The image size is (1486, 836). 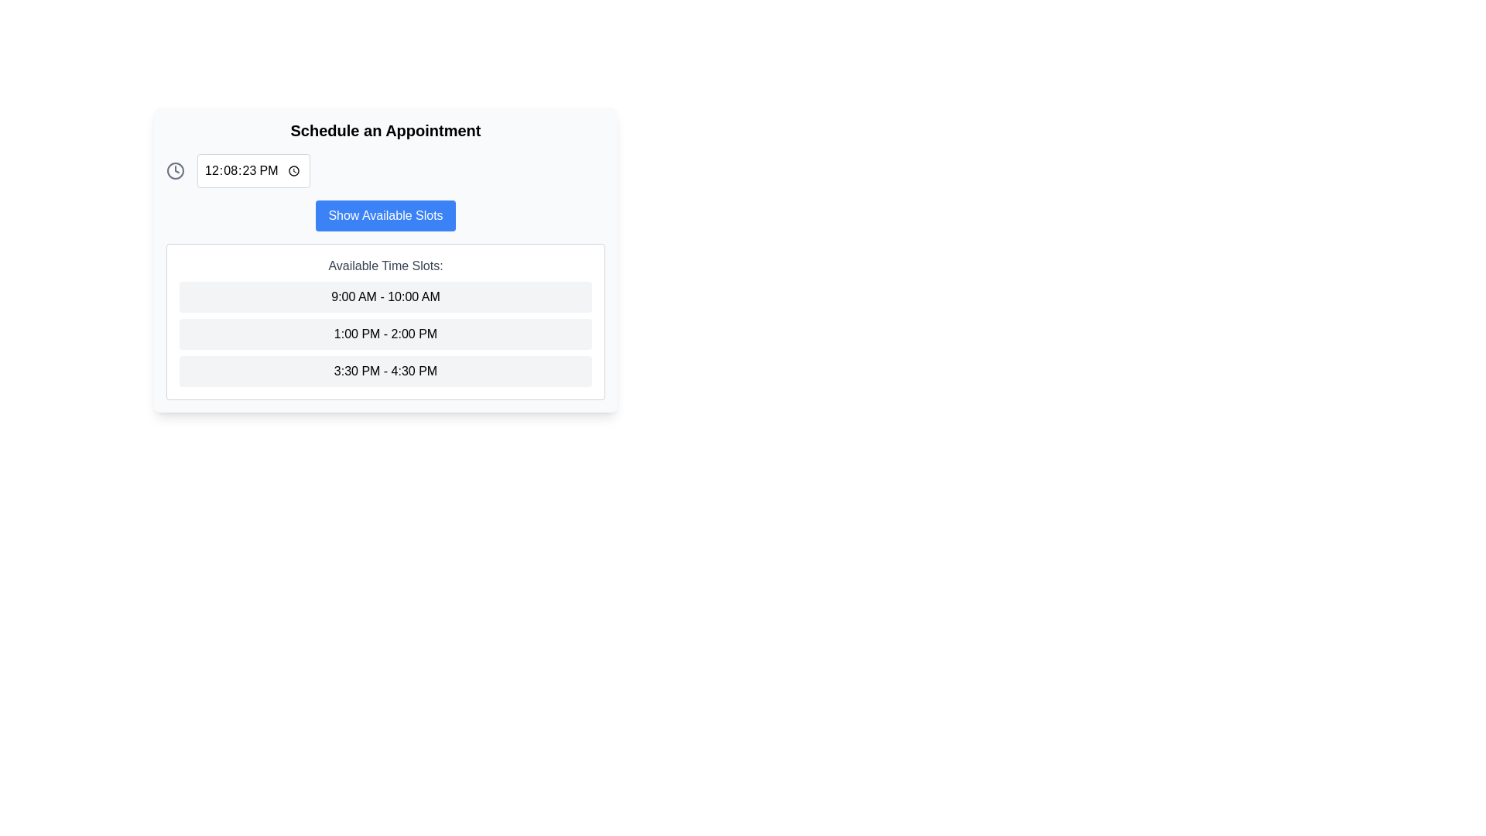 I want to click on the button that initiates showing the available appointment time slots, located centrally within the scheduling section, so click(x=385, y=215).